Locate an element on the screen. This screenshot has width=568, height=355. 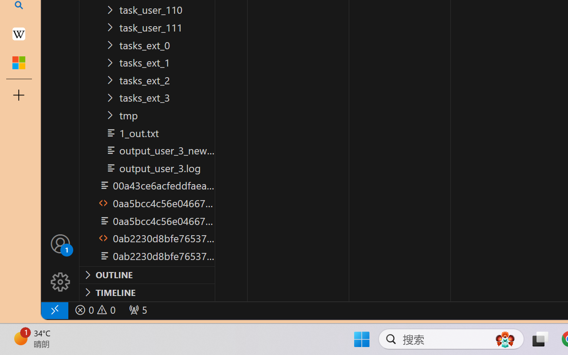
'Outline Section' is located at coordinates (147, 275).